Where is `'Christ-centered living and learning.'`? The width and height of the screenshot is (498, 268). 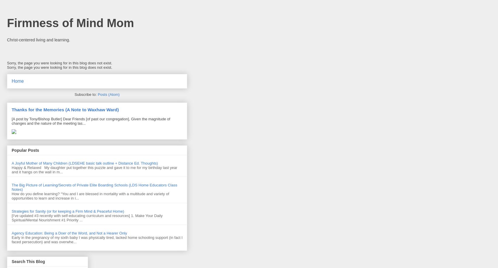 'Christ-centered living and learning.' is located at coordinates (38, 39).